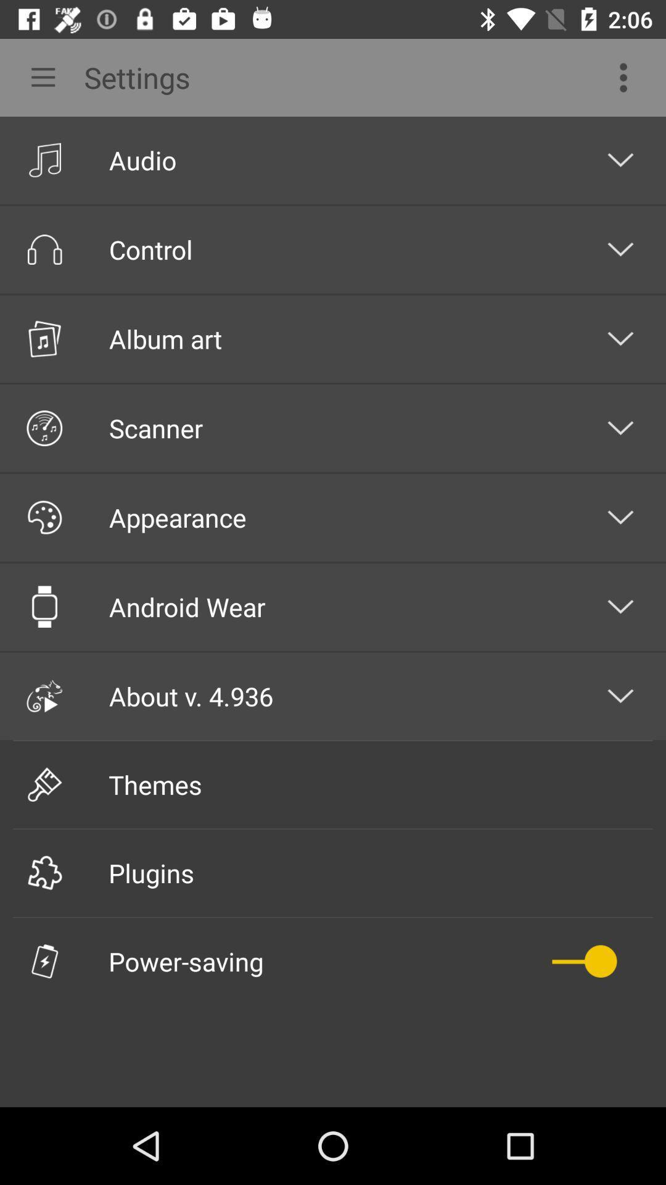  Describe the element at coordinates (627, 77) in the screenshot. I see `the icon to the right of settings` at that location.